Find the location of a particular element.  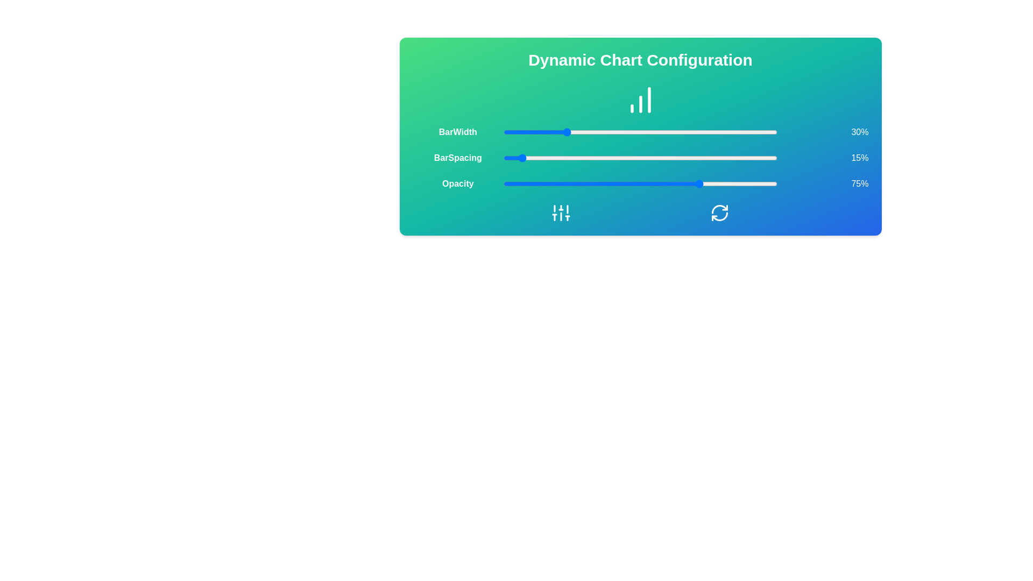

the chart icon to interact with it is located at coordinates (640, 100).